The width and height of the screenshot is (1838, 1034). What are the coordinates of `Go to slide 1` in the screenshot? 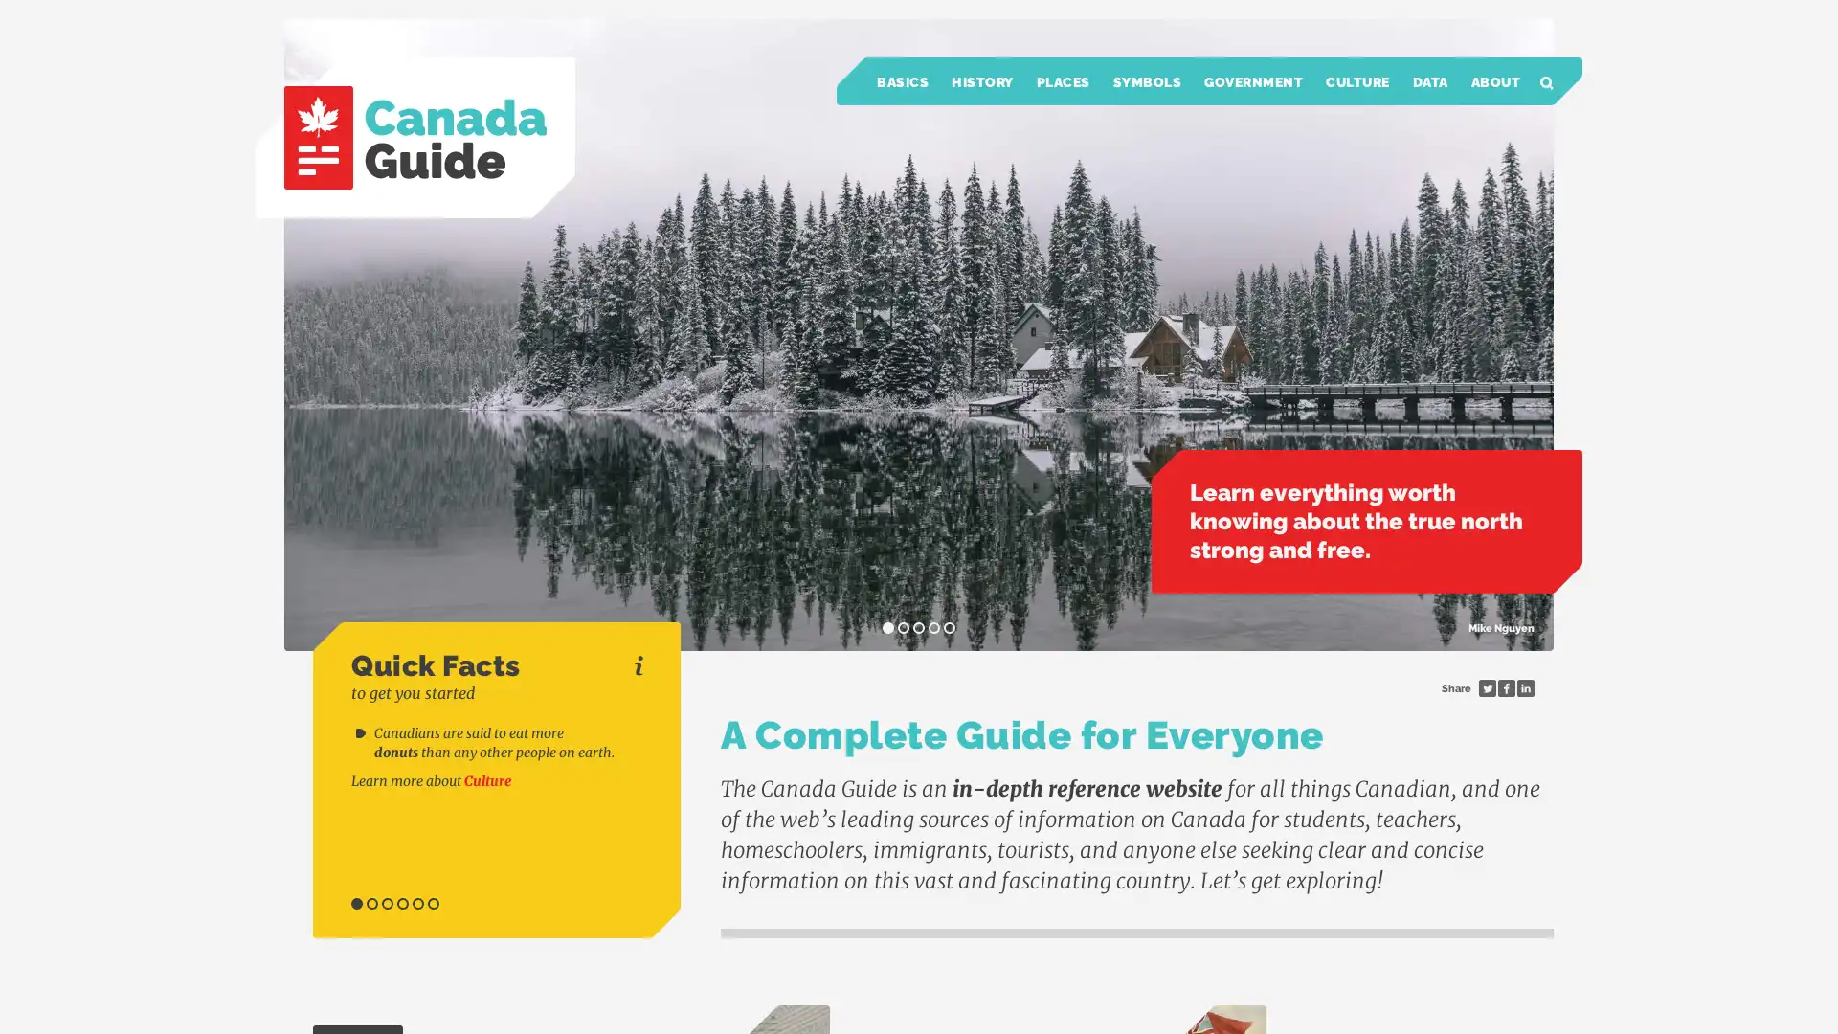 It's located at (357, 904).